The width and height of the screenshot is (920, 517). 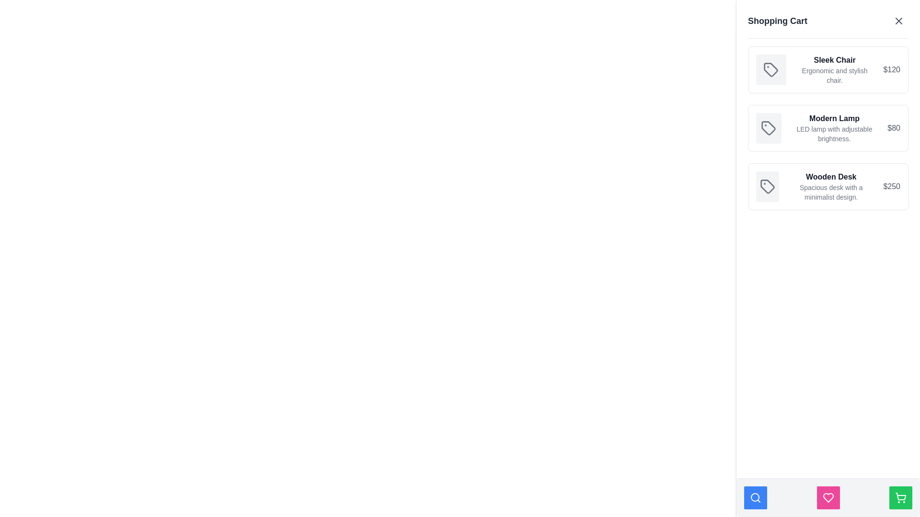 What do you see at coordinates (755, 497) in the screenshot?
I see `the magnifying glass icon located in the bottom navigation bar` at bounding box center [755, 497].